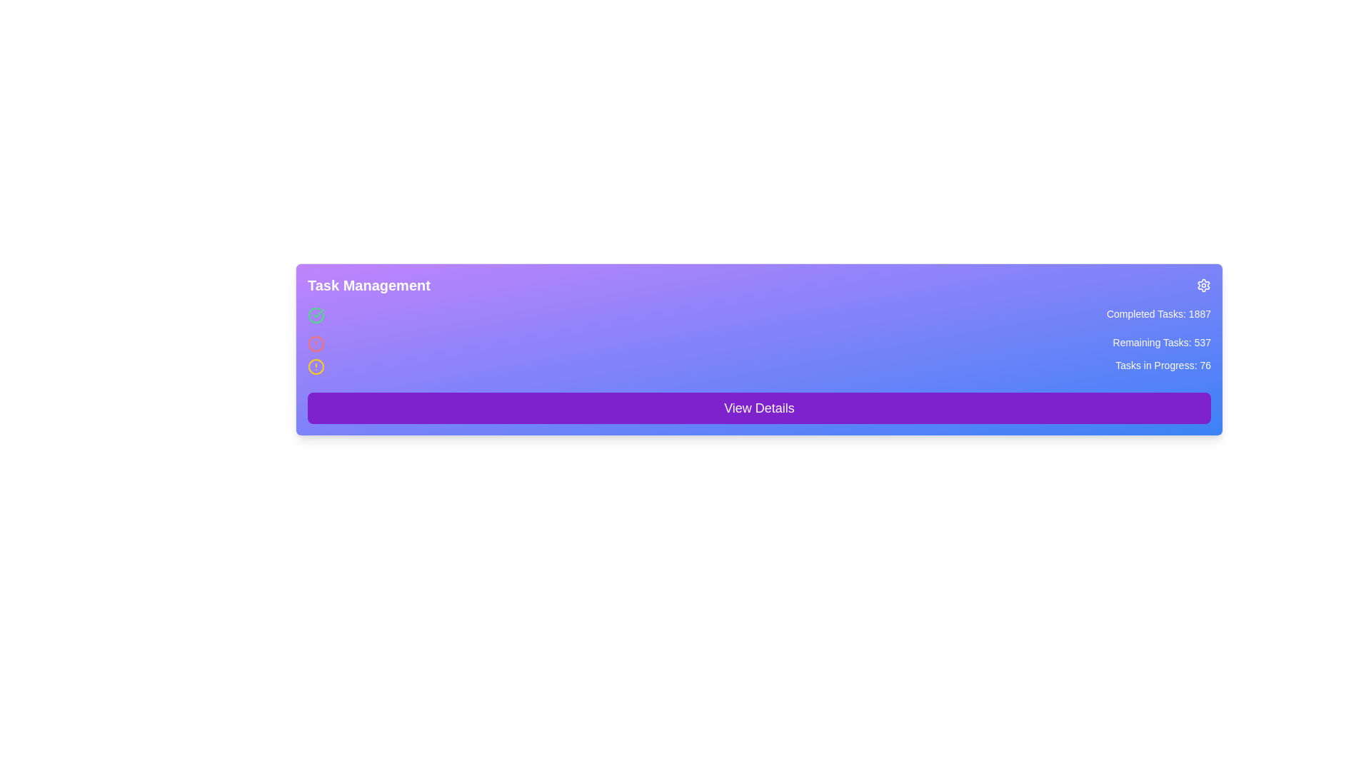  What do you see at coordinates (315, 315) in the screenshot?
I see `the hollow circular decorative icon with a thick stroke and a light green check mark on the right side, located in the 'Task Management' section` at bounding box center [315, 315].